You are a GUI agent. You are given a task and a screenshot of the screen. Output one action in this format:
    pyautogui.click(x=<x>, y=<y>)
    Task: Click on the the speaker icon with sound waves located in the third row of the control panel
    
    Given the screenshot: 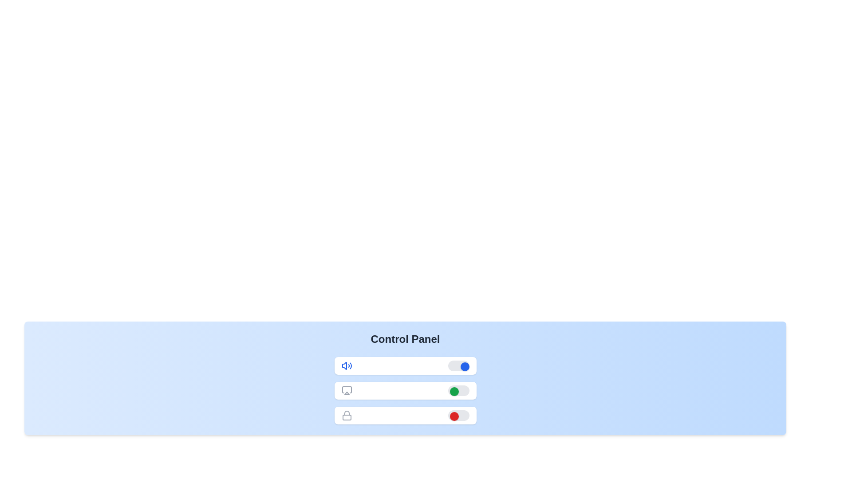 What is the action you would take?
    pyautogui.click(x=344, y=366)
    